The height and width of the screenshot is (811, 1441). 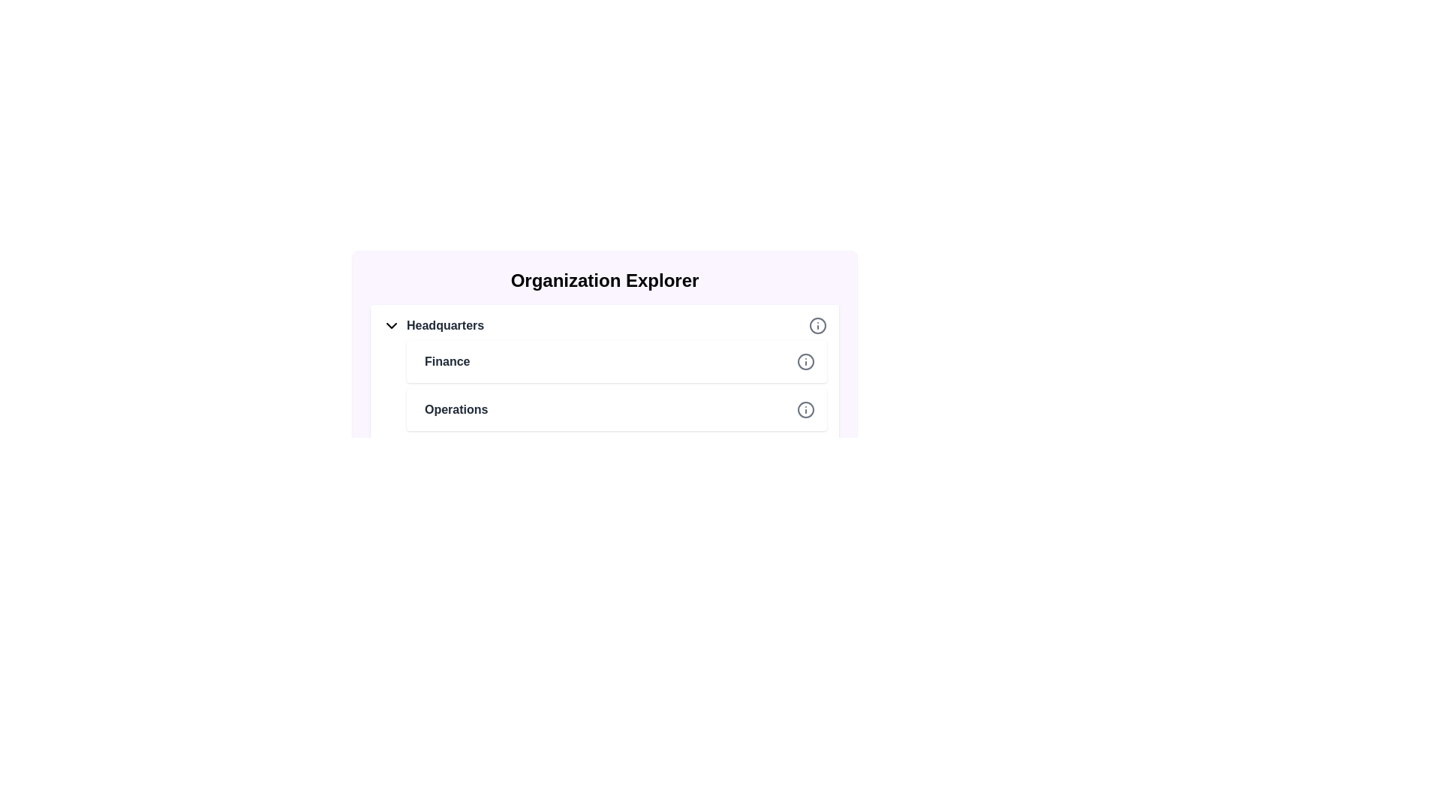 What do you see at coordinates (453, 410) in the screenshot?
I see `the 'Operations' text label located in the 'Headquarters' section, below the 'Finance' row` at bounding box center [453, 410].